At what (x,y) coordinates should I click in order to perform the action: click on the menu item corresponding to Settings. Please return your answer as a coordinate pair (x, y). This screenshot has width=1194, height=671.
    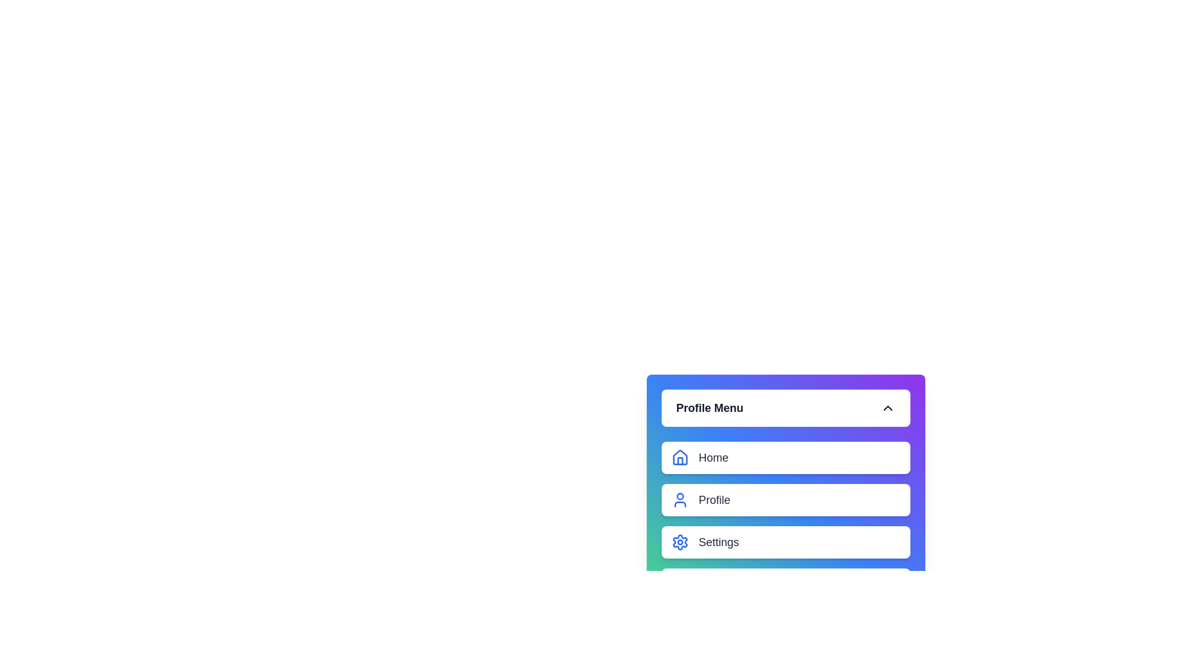
    Looking at the image, I should click on (679, 541).